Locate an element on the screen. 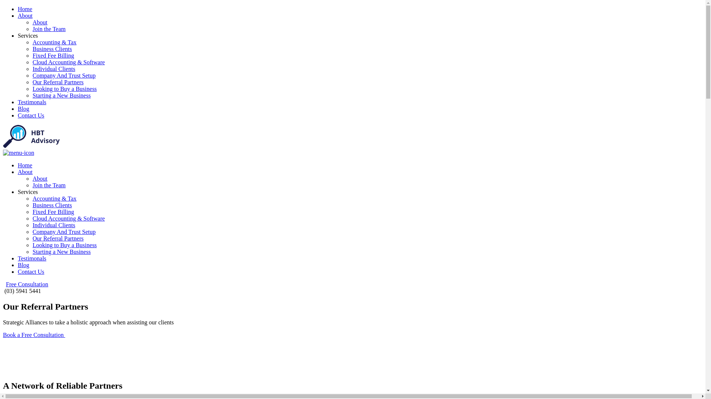  'Company And Trust Setup' is located at coordinates (64, 231).